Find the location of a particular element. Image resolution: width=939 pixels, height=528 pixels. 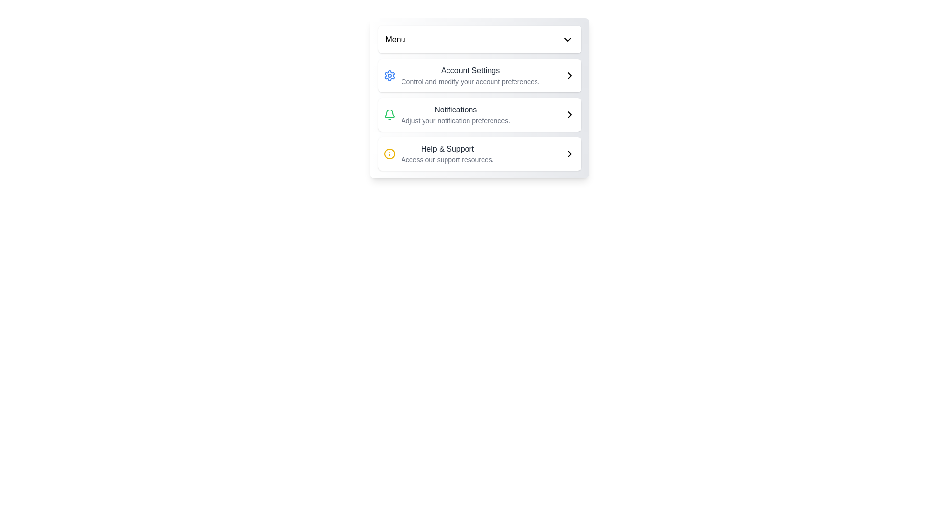

the 'Help & Support' navigation link, which features a white background, rounded corners, a yellow circular badge with a symbol, and bold text followed by smaller text is located at coordinates (479, 154).